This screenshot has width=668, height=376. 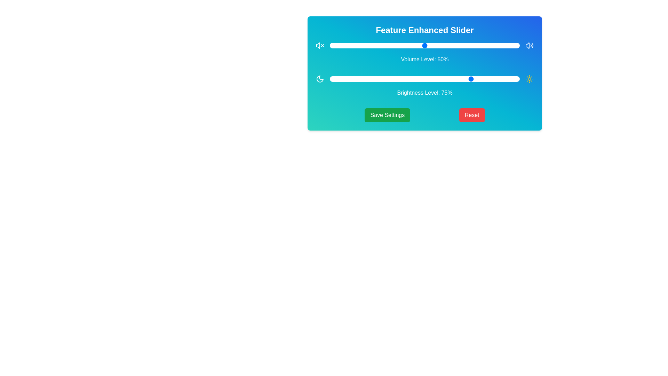 What do you see at coordinates (472, 115) in the screenshot?
I see `the reset button located in the bottom-right area of the card interface, next to the 'Save Settings' button, to reset settings to default values` at bounding box center [472, 115].